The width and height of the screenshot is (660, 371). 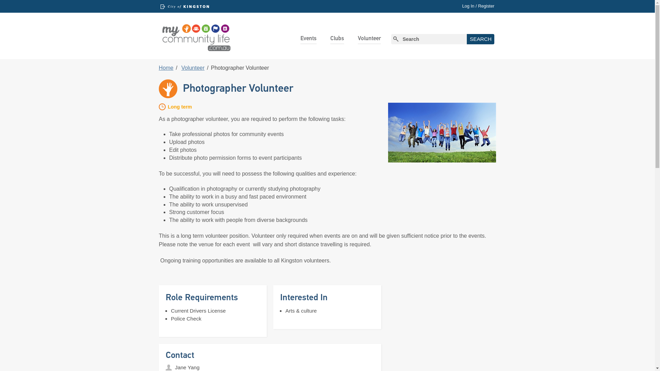 What do you see at coordinates (337, 38) in the screenshot?
I see `'Clubs'` at bounding box center [337, 38].